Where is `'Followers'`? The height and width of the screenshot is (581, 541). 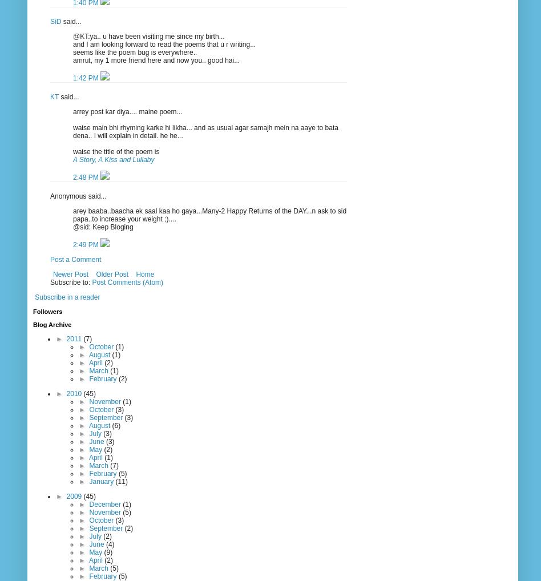 'Followers' is located at coordinates (47, 310).